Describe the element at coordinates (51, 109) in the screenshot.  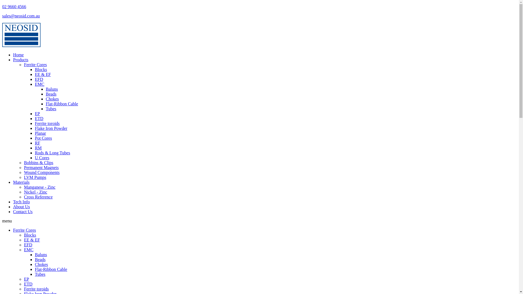
I see `'Tubes'` at that location.